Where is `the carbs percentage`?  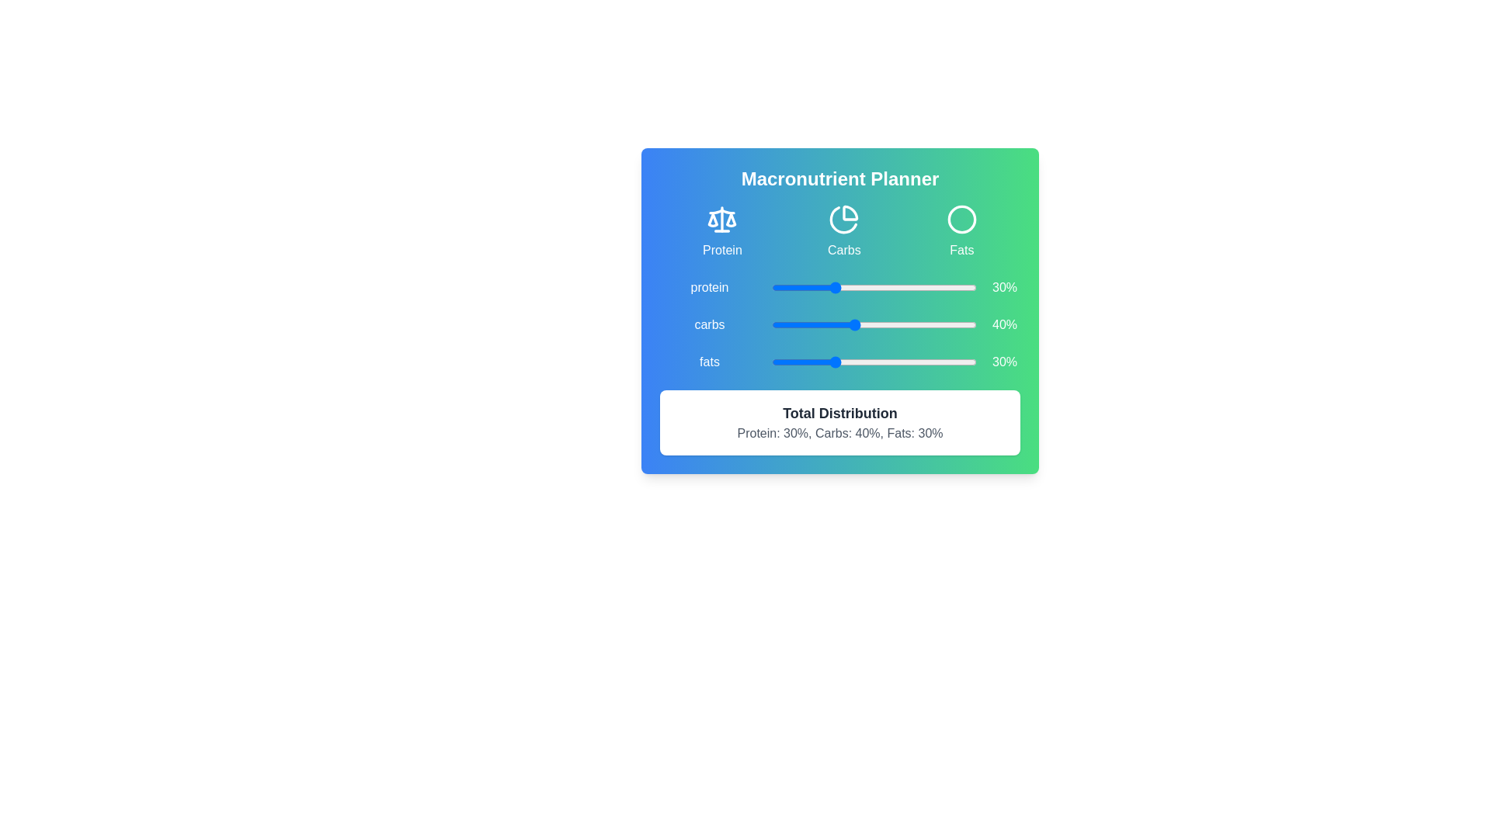
the carbs percentage is located at coordinates (801, 324).